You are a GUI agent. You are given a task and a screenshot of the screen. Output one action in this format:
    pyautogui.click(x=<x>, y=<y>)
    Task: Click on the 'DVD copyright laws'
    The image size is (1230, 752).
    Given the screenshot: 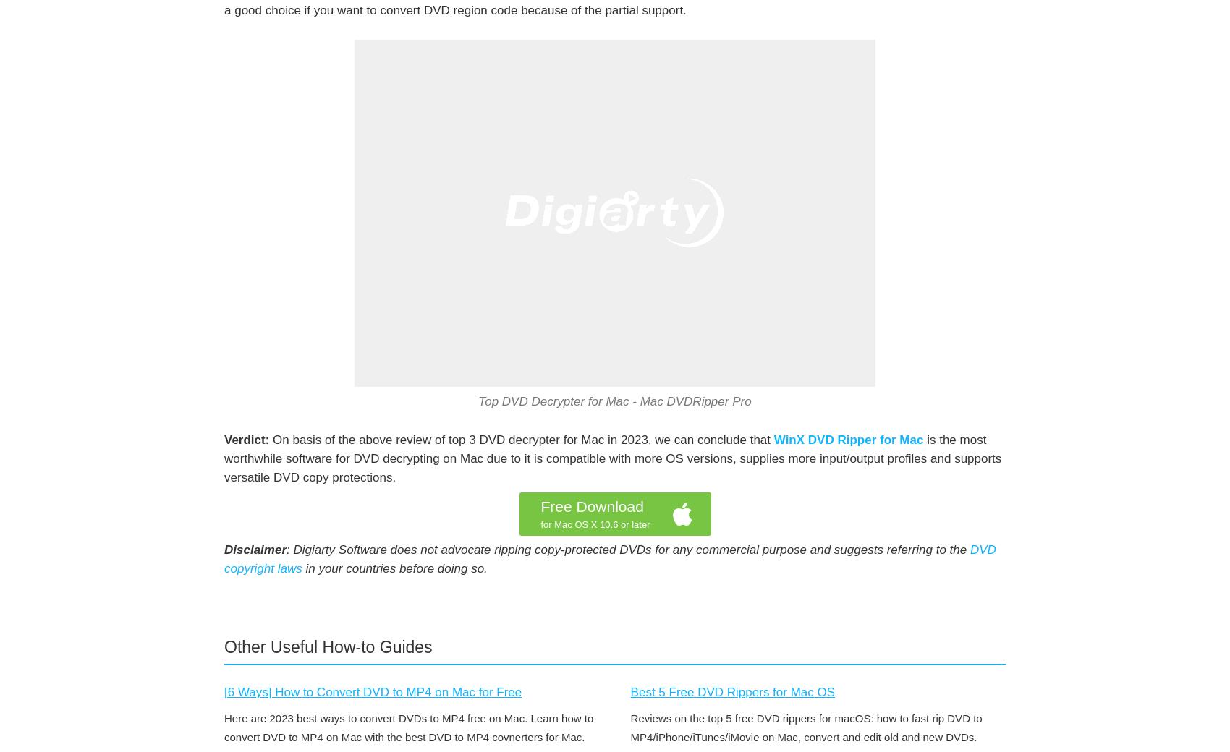 What is the action you would take?
    pyautogui.click(x=609, y=559)
    